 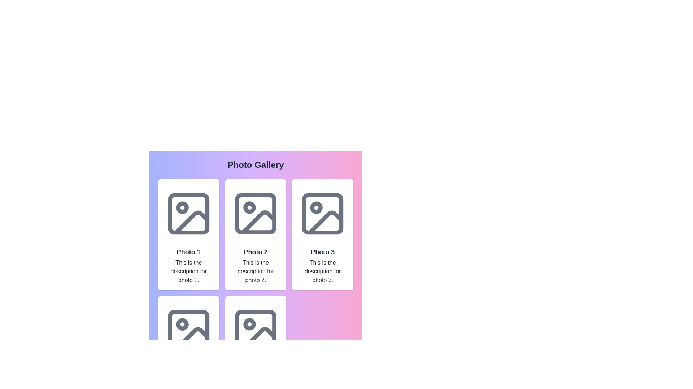 What do you see at coordinates (256, 214) in the screenshot?
I see `the icon representing an image associated with the card labeled 'Photo 2' located in the second column of the first row` at bounding box center [256, 214].